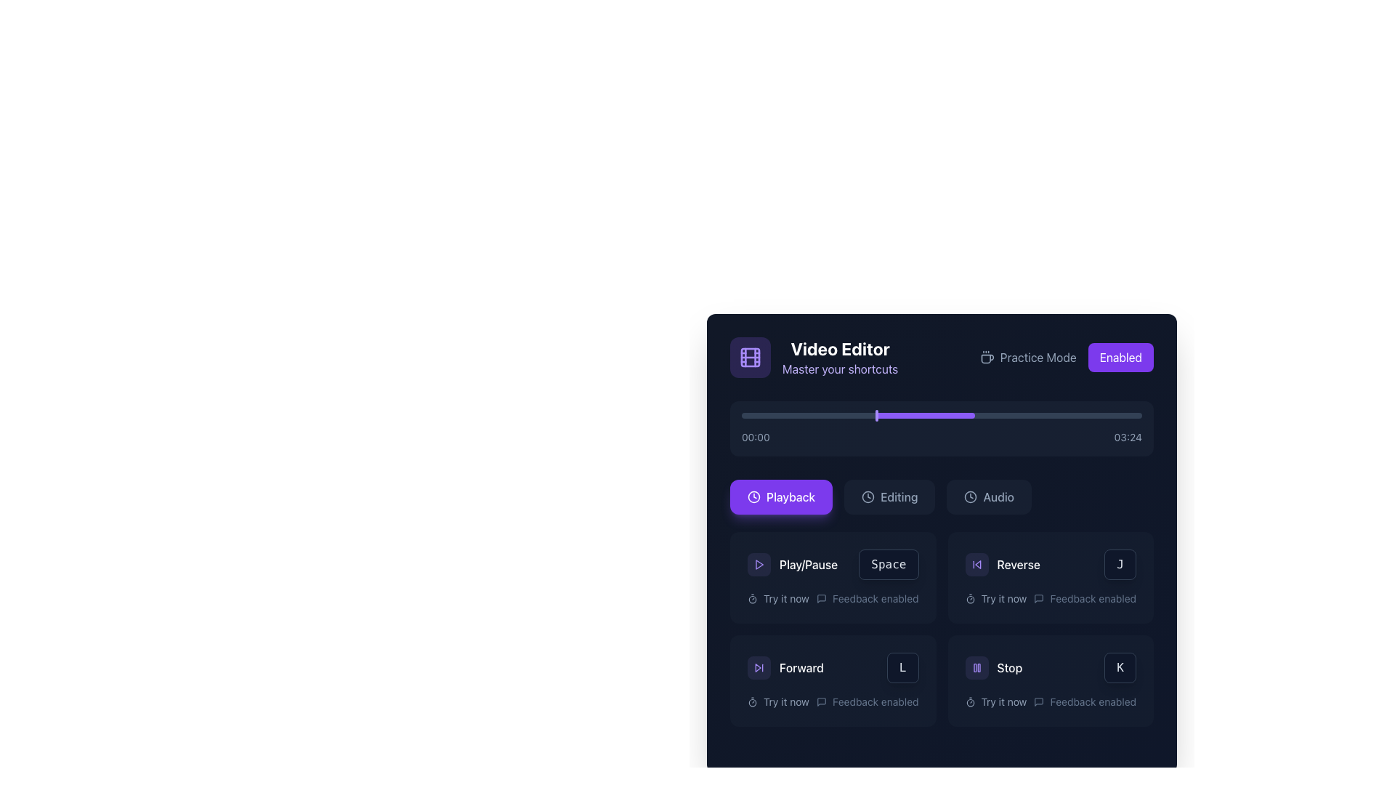  Describe the element at coordinates (833, 599) in the screenshot. I see `the 'Try it now' button located below the 'Play/Pause' and 'Space' buttons in the 'Video Editor' section, which provides textual feedback and call-to-action information` at that location.